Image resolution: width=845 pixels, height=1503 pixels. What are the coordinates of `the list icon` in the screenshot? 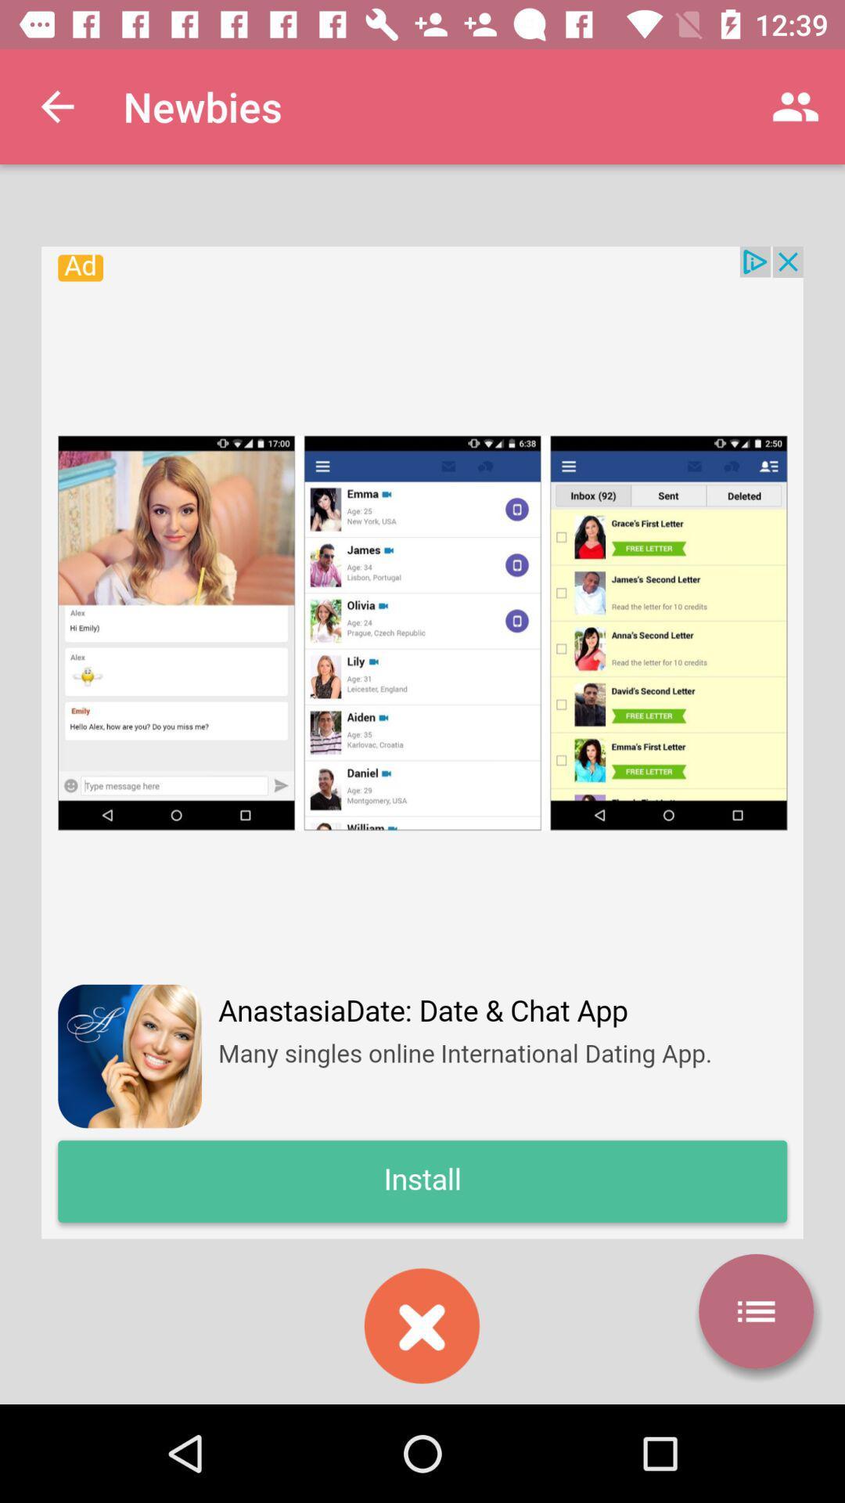 It's located at (755, 1311).